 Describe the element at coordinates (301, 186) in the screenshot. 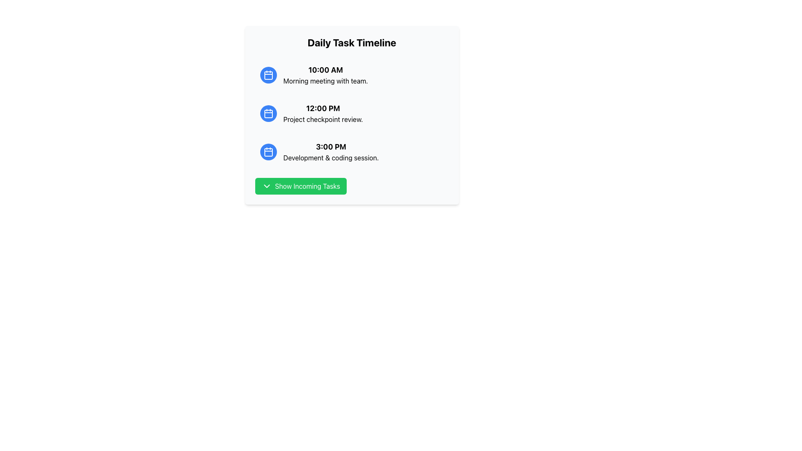

I see `the green button labeled 'Show Incoming Tasks' with rounded corners, located in the bottom part of the 'Daily Task Timeline' panel` at that location.